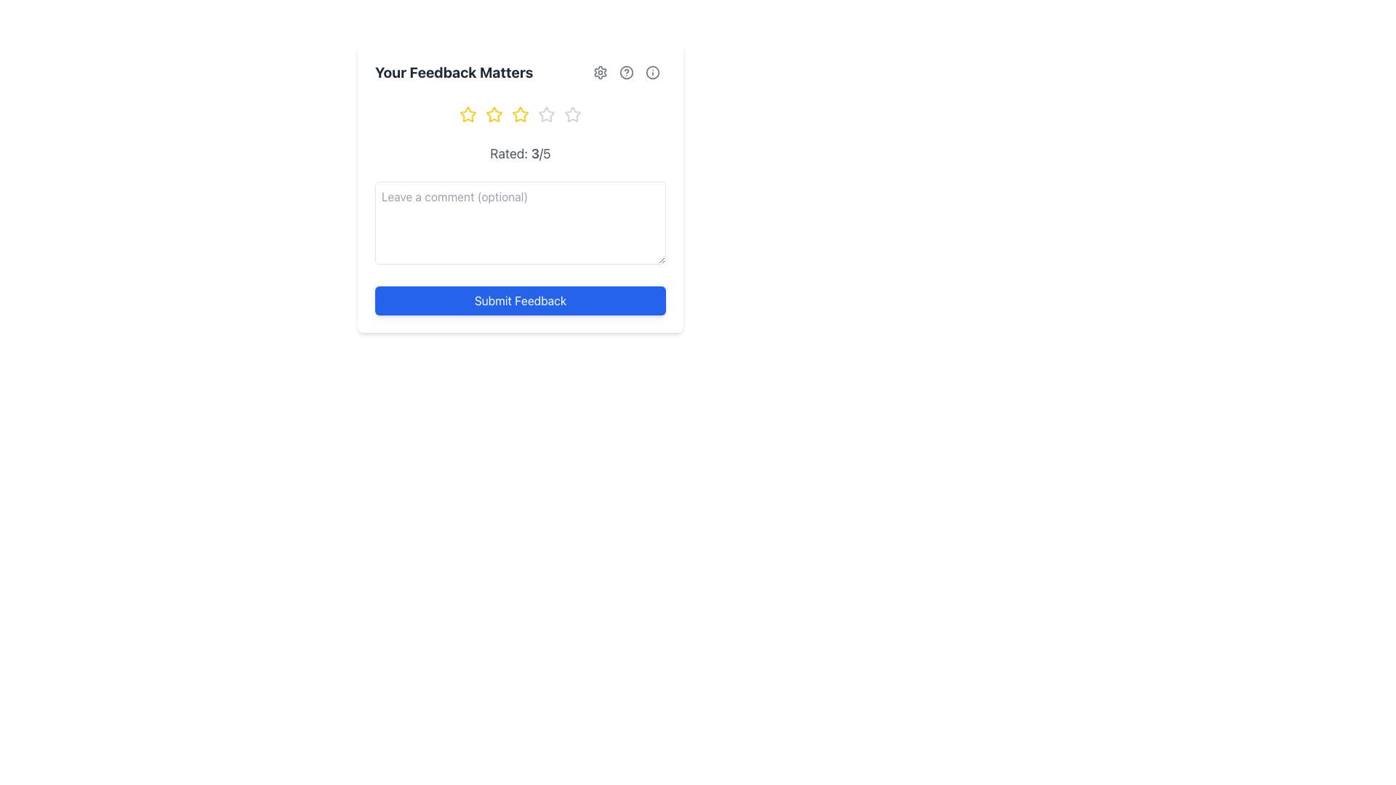 The image size is (1396, 785). What do you see at coordinates (494, 114) in the screenshot?
I see `the second star icon in the 5-star rating system` at bounding box center [494, 114].